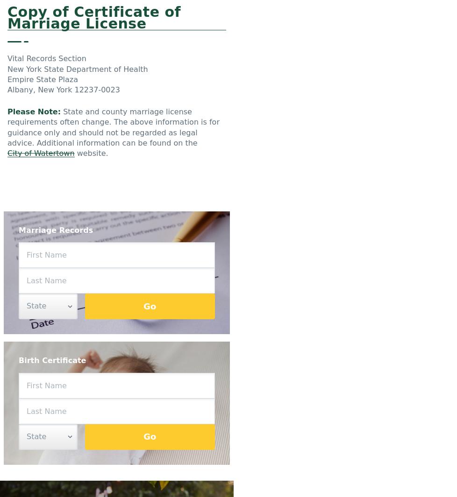 This screenshot has width=457, height=497. Describe the element at coordinates (46, 58) in the screenshot. I see `'Vital Records Section'` at that location.